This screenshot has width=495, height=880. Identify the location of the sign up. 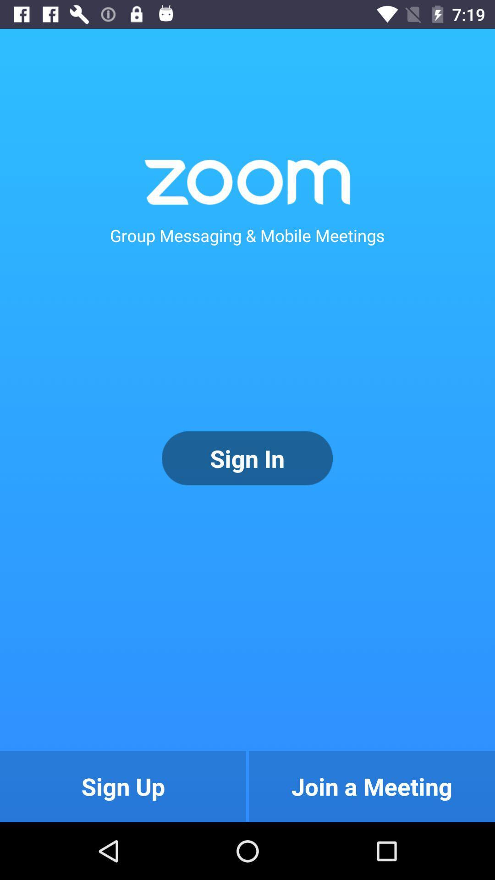
(122, 786).